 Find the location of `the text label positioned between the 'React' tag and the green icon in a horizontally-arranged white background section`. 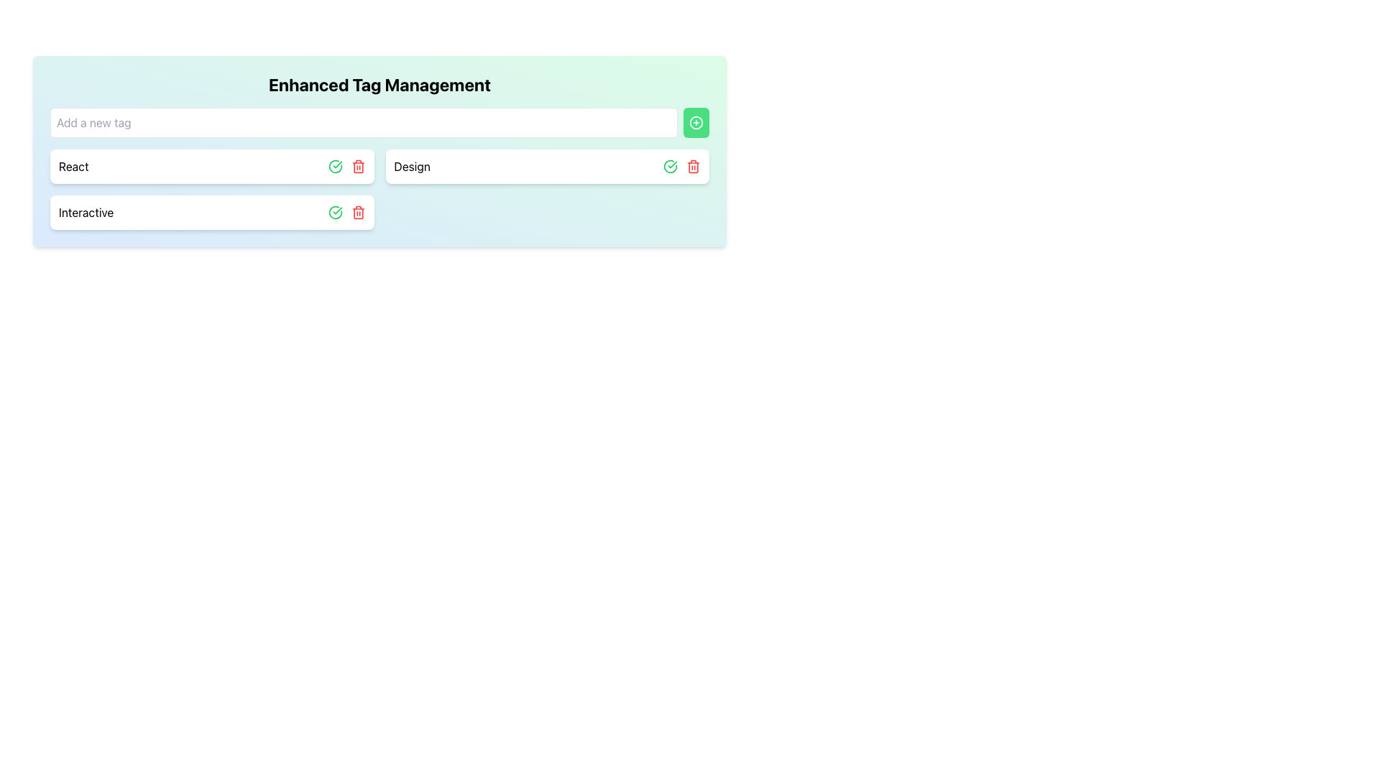

the text label positioned between the 'React' tag and the green icon in a horizontally-arranged white background section is located at coordinates (411, 165).